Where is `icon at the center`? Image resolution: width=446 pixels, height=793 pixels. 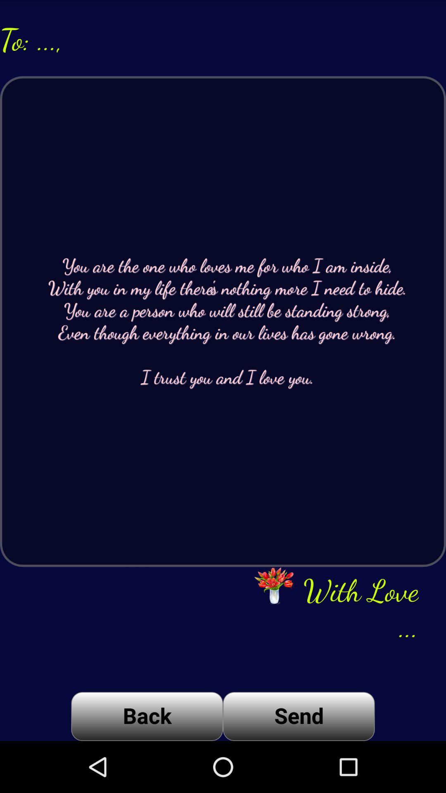
icon at the center is located at coordinates (223, 321).